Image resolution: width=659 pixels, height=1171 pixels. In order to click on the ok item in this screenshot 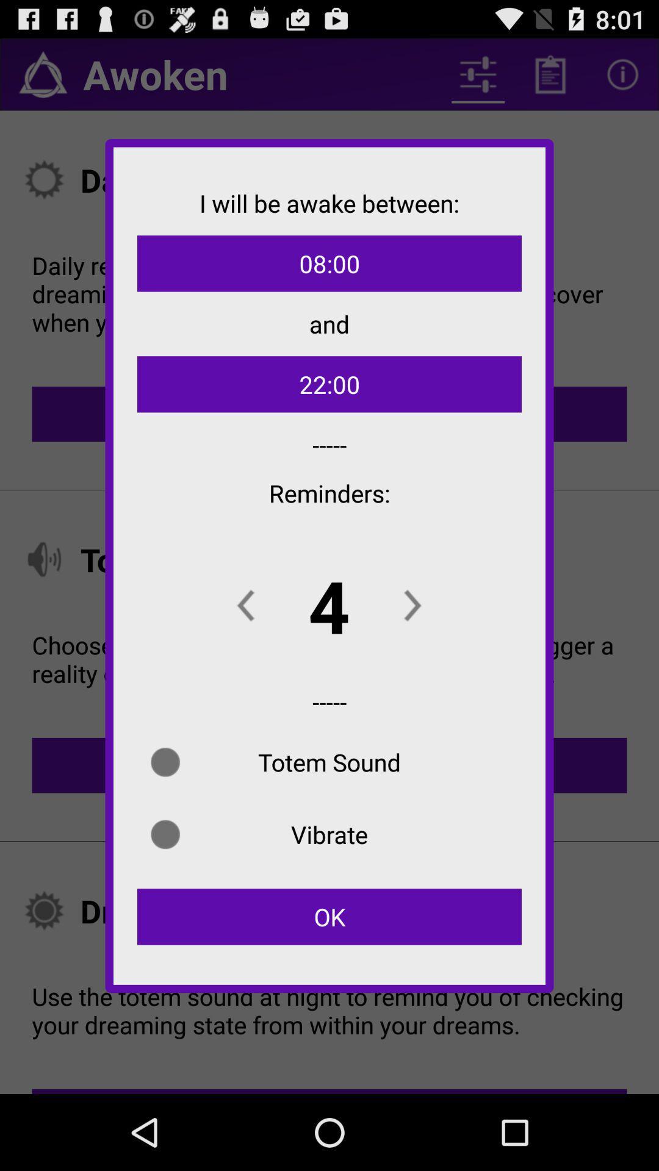, I will do `click(329, 917)`.